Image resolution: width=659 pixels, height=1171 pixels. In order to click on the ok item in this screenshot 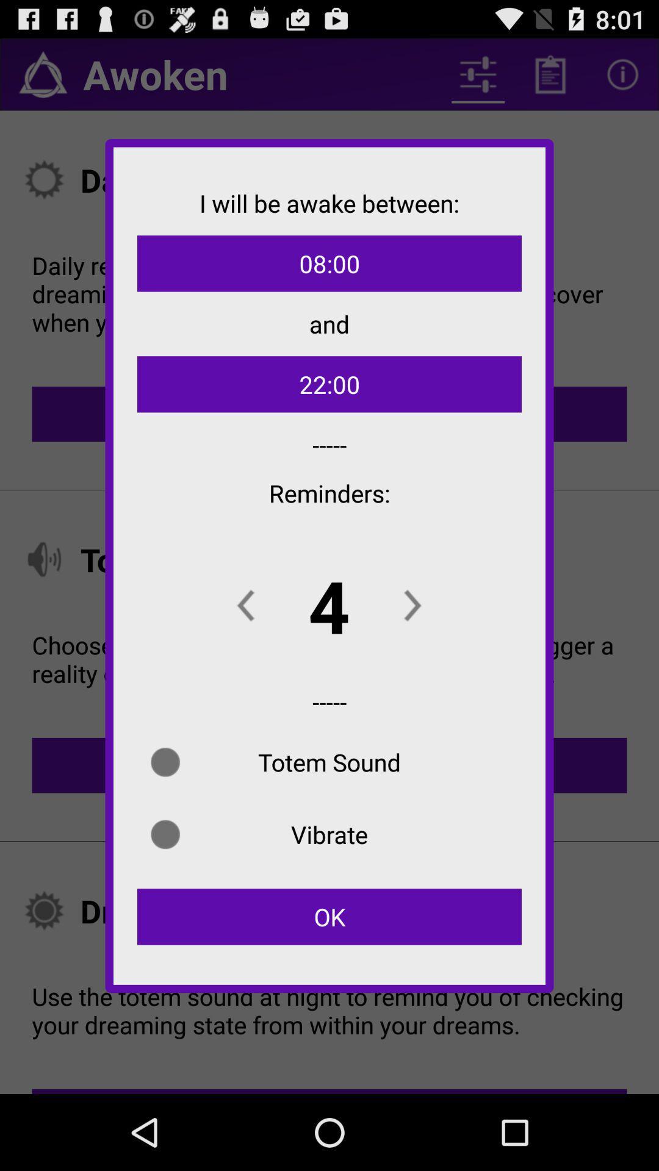, I will do `click(329, 917)`.